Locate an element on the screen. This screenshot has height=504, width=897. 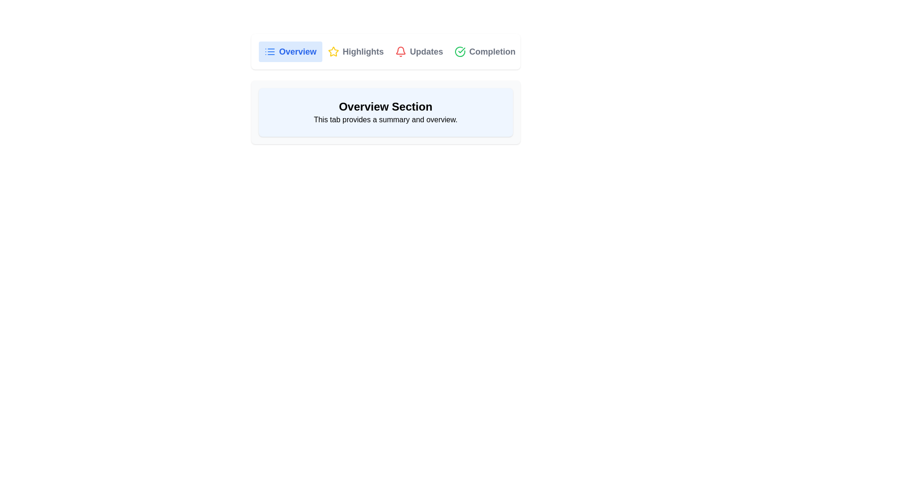
the 'Completion' tab in the navigation bar is located at coordinates (485, 52).